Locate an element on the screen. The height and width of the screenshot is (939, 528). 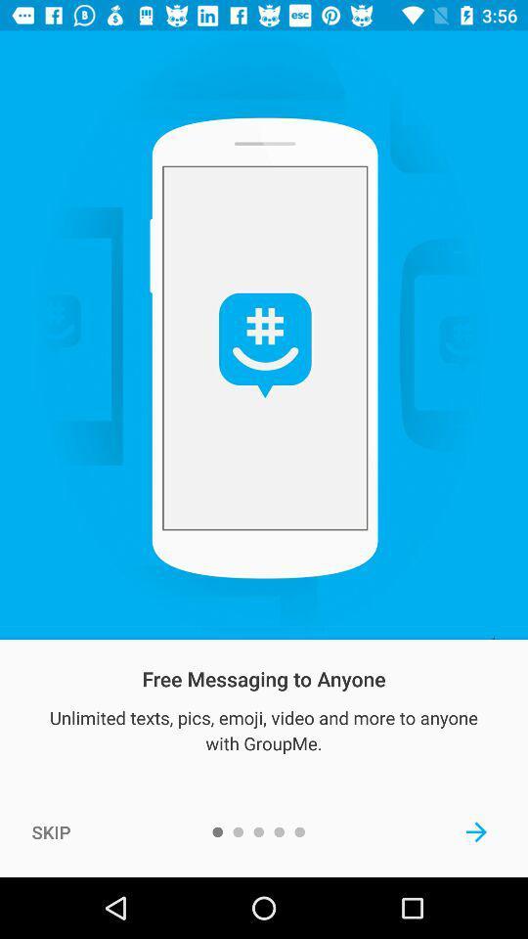
the item below the unlimited texts pics is located at coordinates (51, 830).